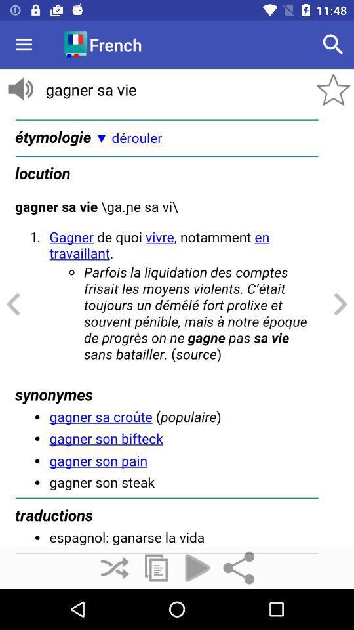  Describe the element at coordinates (177, 328) in the screenshot. I see `page` at that location.